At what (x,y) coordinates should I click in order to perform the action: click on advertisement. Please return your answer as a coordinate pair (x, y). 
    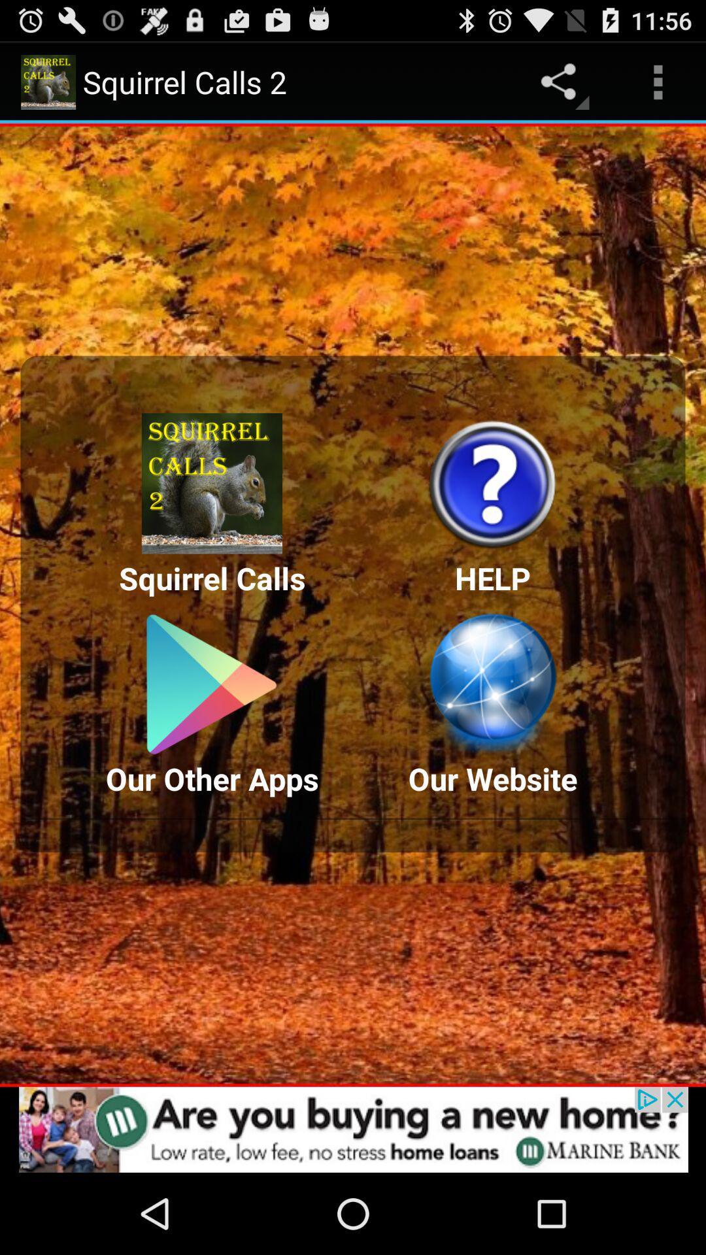
    Looking at the image, I should click on (353, 1129).